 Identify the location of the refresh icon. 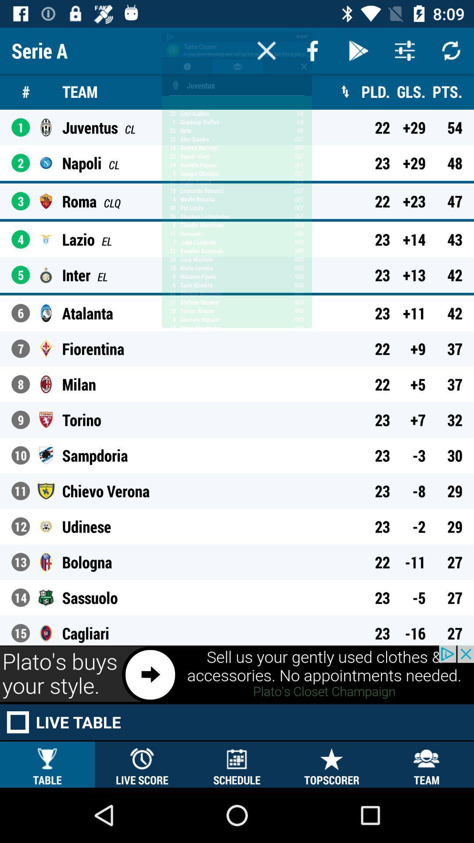
(451, 50).